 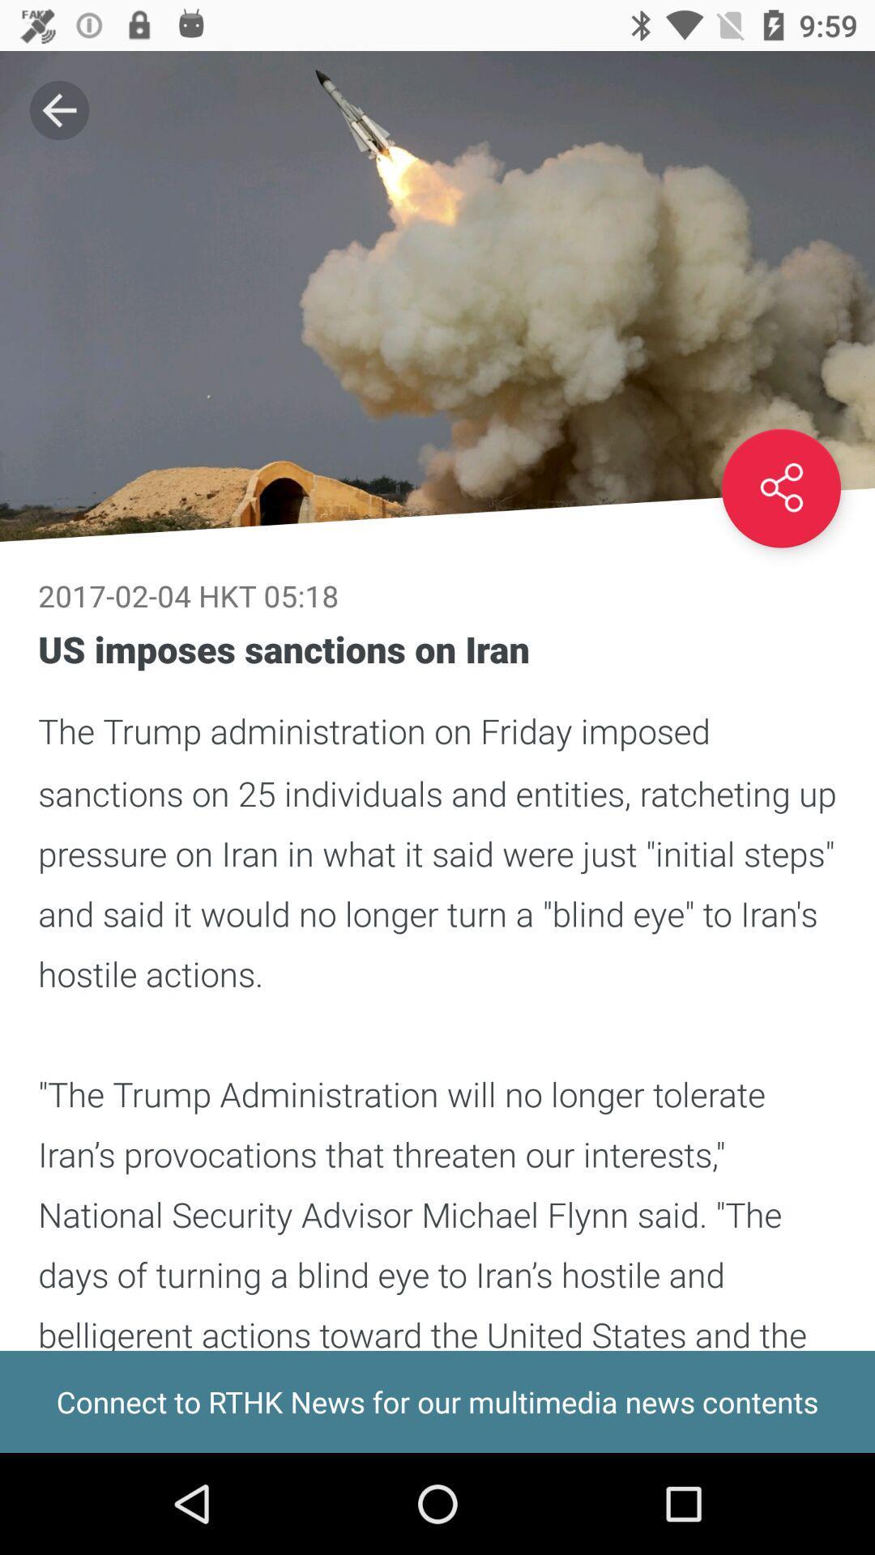 I want to click on the app next to the news item, so click(x=58, y=109).